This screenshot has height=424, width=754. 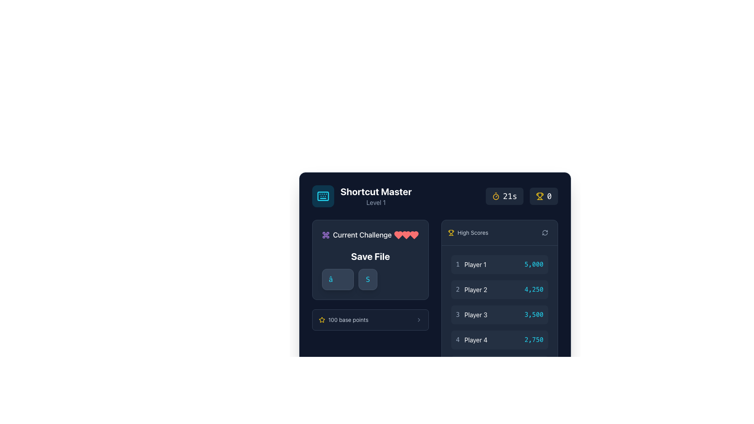 I want to click on the trophy icon representing achievement or high scores, located to the left of the 'High Scores' text label in the right content panel, so click(x=451, y=232).